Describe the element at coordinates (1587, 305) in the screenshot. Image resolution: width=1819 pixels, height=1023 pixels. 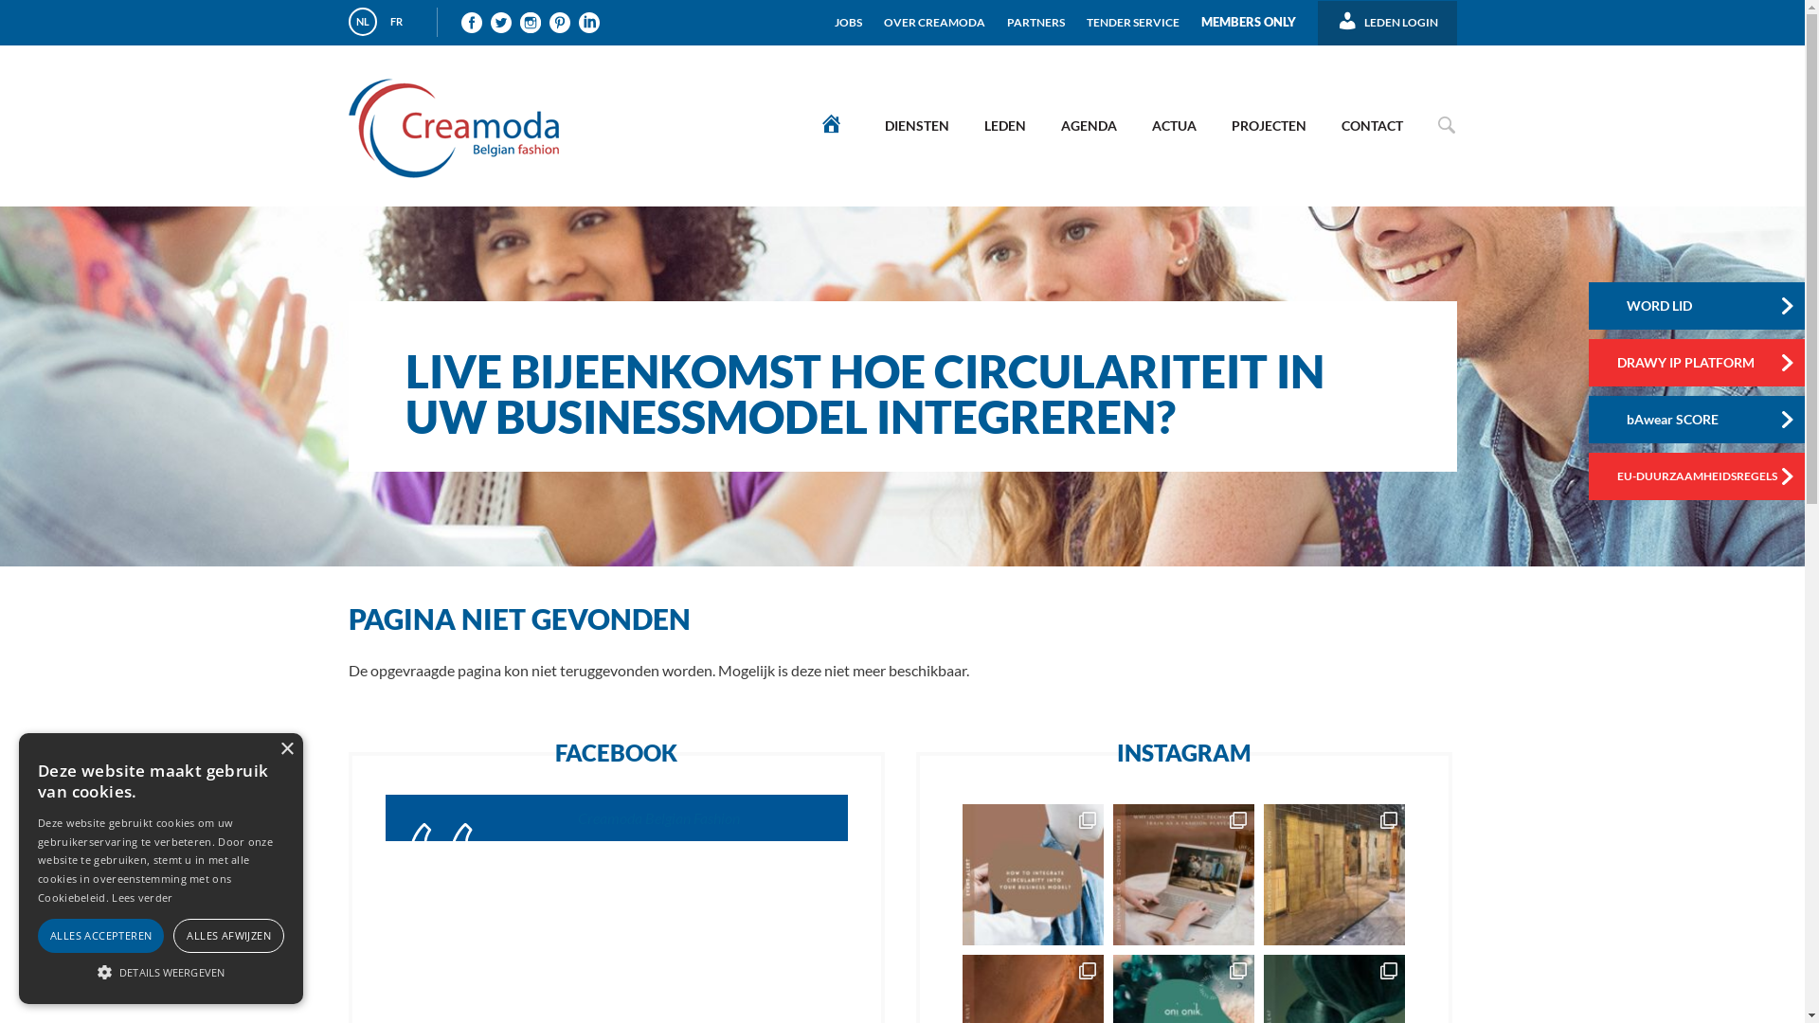
I see `'WORD LID'` at that location.